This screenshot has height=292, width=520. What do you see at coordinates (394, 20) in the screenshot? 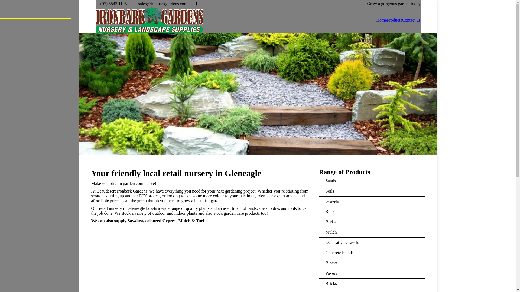
I see `'Products'` at bounding box center [394, 20].